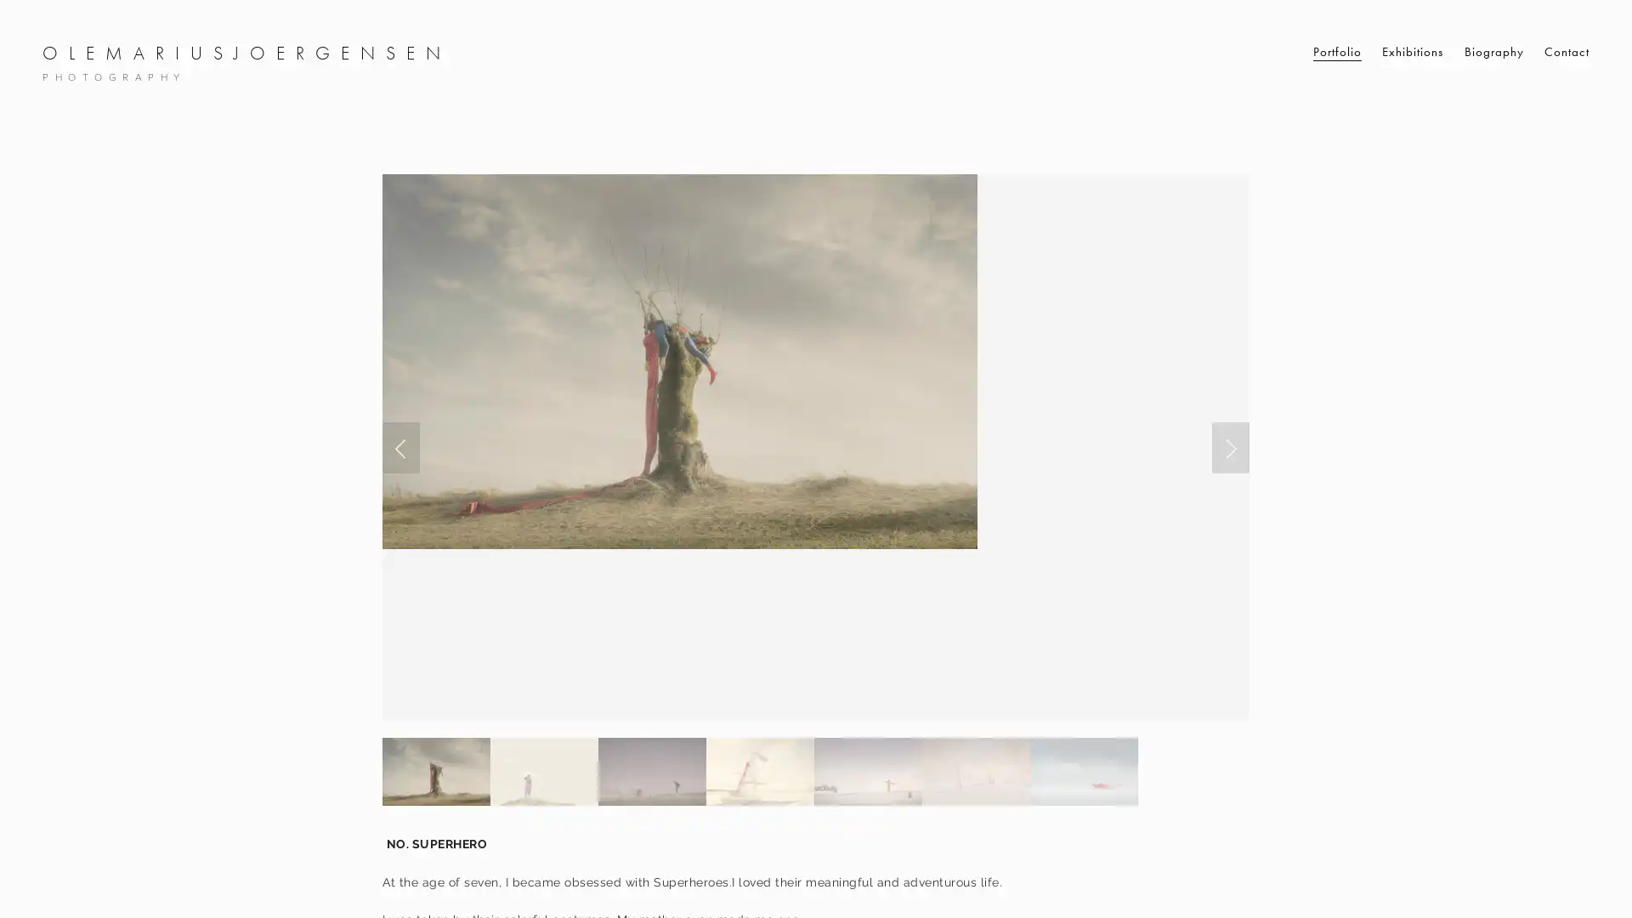 The width and height of the screenshot is (1632, 918). I want to click on Slide 5, so click(922, 770).